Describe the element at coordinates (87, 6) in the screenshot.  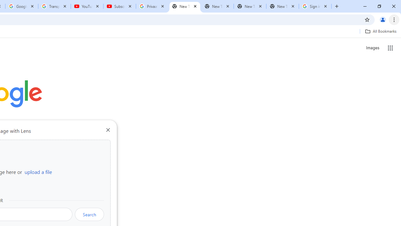
I see `'YouTube'` at that location.